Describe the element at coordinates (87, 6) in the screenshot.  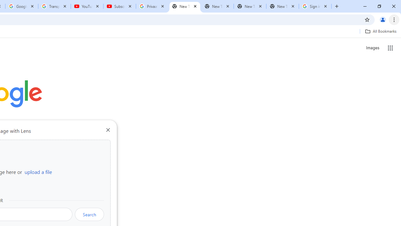
I see `'YouTube'` at that location.